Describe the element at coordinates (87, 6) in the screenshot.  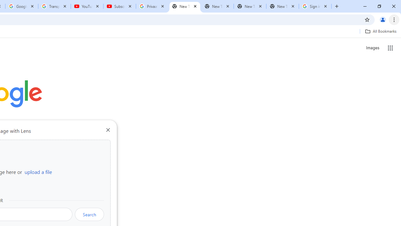
I see `'YouTube'` at that location.